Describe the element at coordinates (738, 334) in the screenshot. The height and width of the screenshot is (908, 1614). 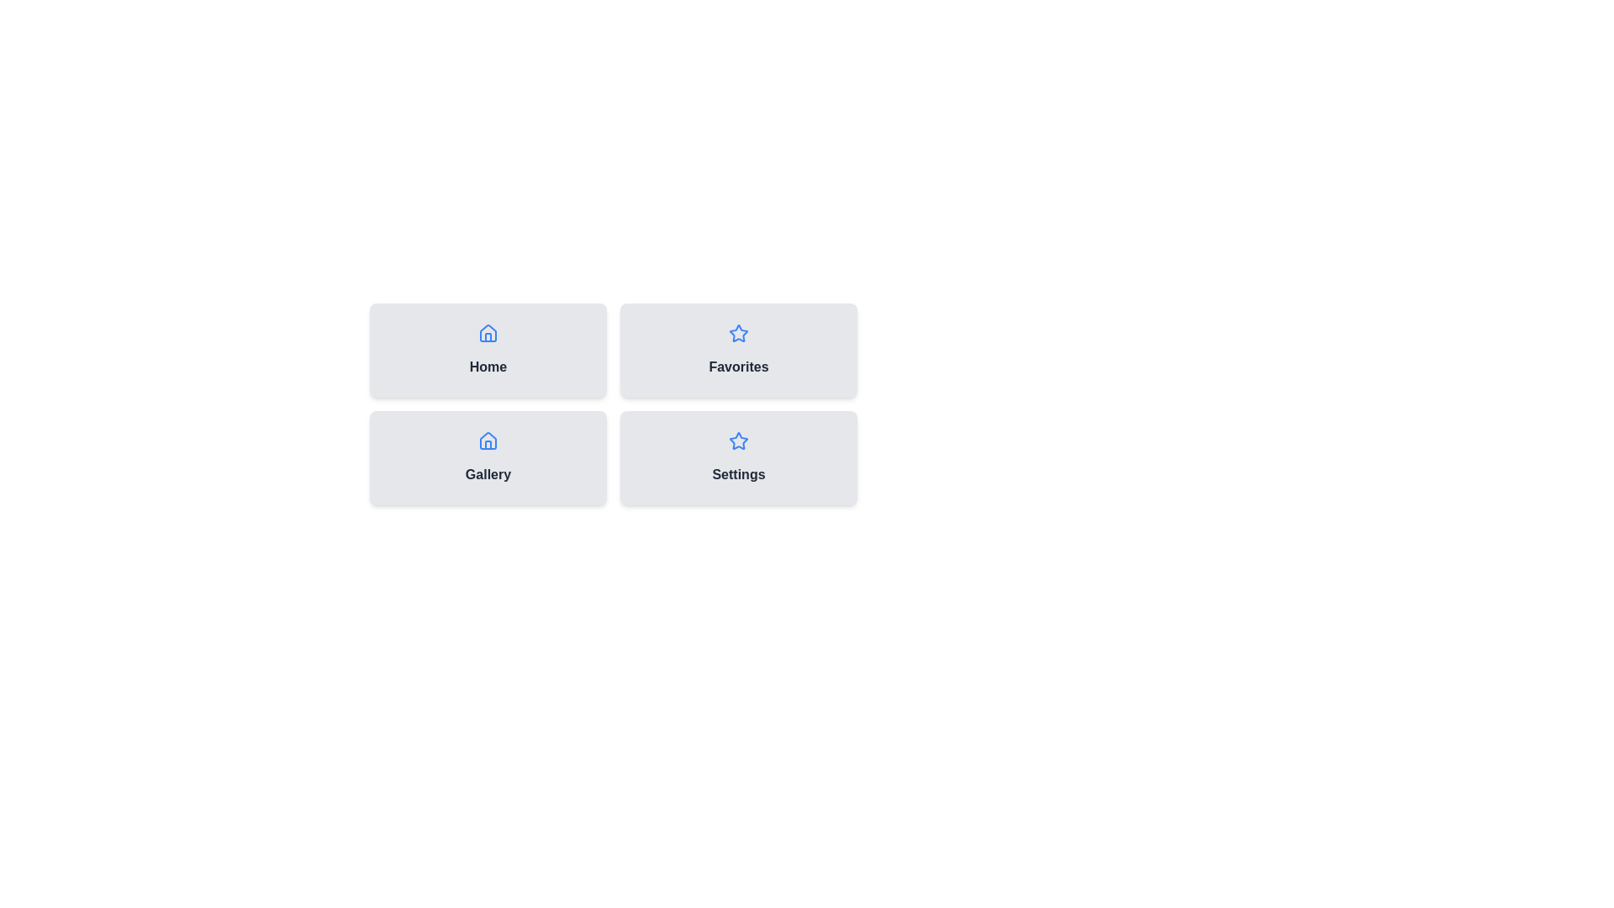
I see `the blue star icon with a hollow center located on the 'Favorites' card in the top-right region of the interface` at that location.